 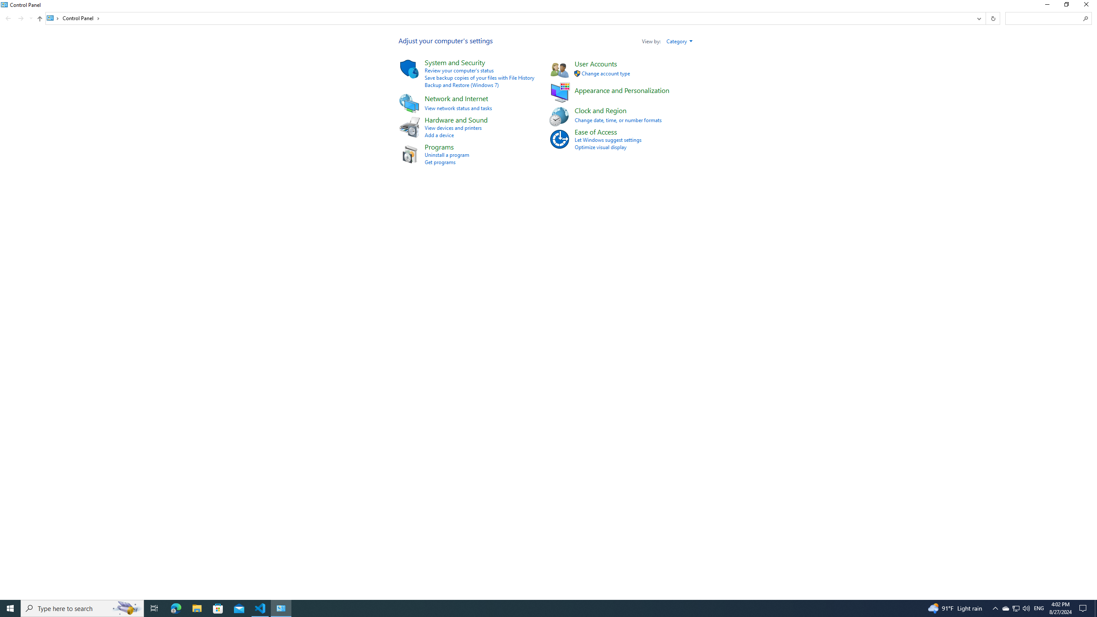 What do you see at coordinates (30, 18) in the screenshot?
I see `'Recent locations'` at bounding box center [30, 18].